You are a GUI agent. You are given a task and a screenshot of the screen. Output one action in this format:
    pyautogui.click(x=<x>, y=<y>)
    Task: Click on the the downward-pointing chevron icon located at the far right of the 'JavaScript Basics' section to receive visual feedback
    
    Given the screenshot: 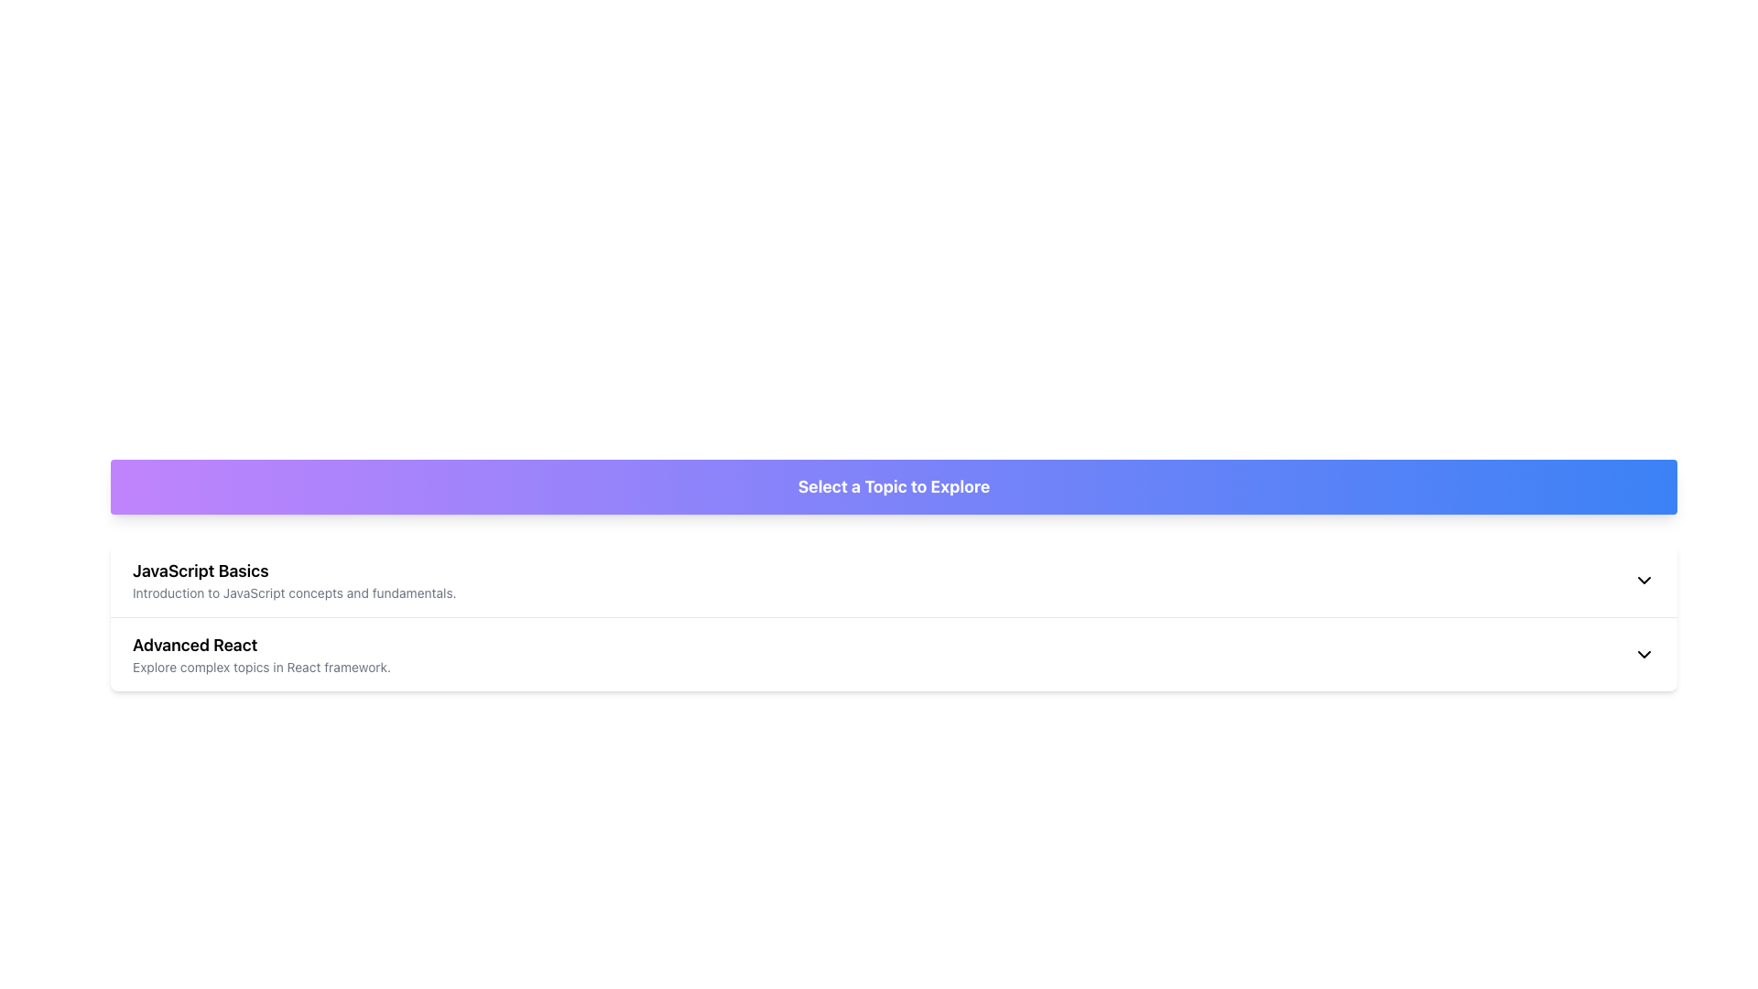 What is the action you would take?
    pyautogui.click(x=1644, y=580)
    